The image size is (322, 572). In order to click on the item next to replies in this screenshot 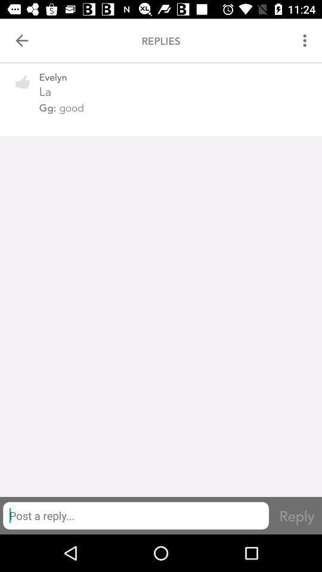, I will do `click(306, 41)`.